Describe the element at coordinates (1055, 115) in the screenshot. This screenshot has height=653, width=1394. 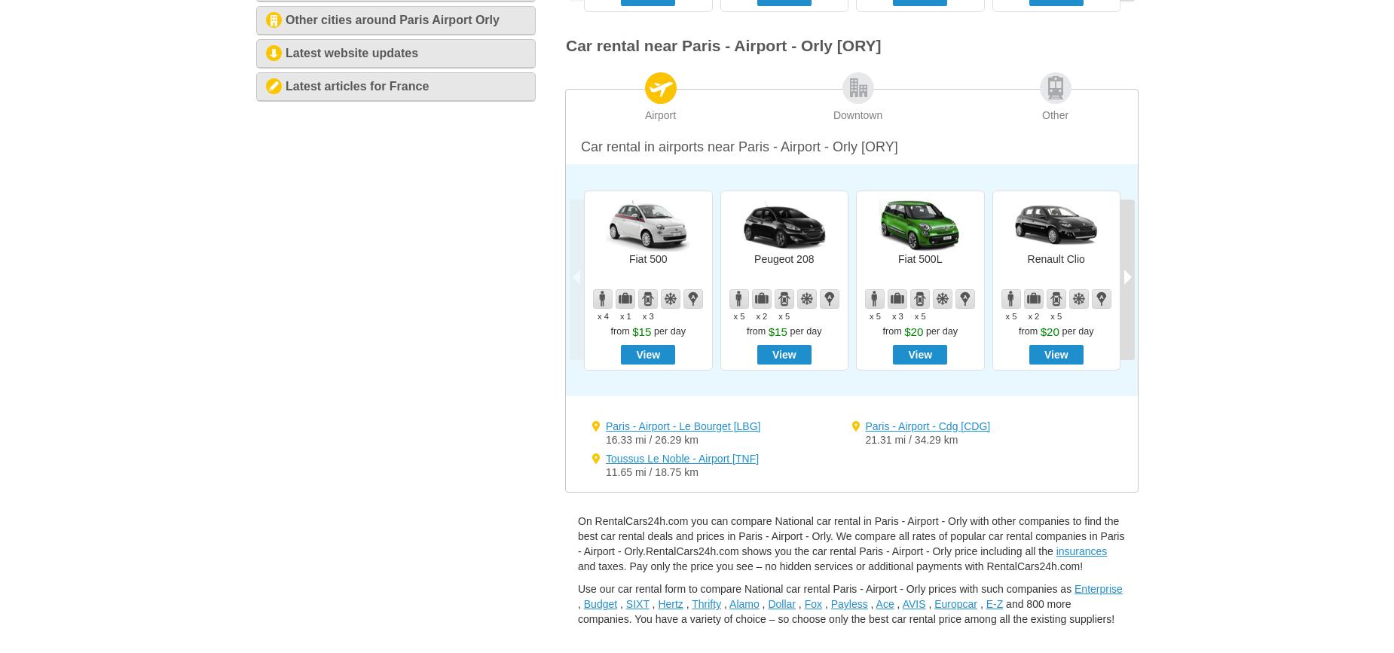
I see `'Other'` at that location.